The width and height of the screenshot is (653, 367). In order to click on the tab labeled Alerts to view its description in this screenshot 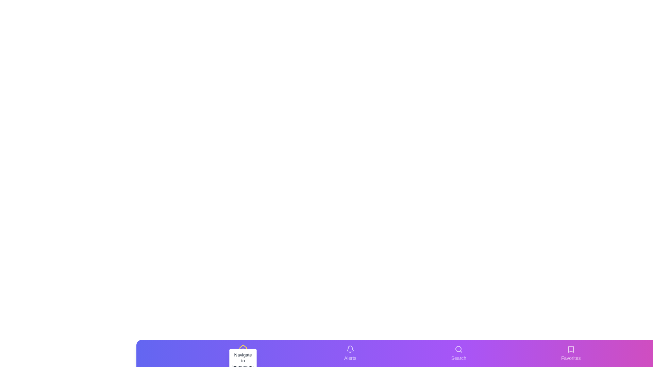, I will do `click(350, 353)`.